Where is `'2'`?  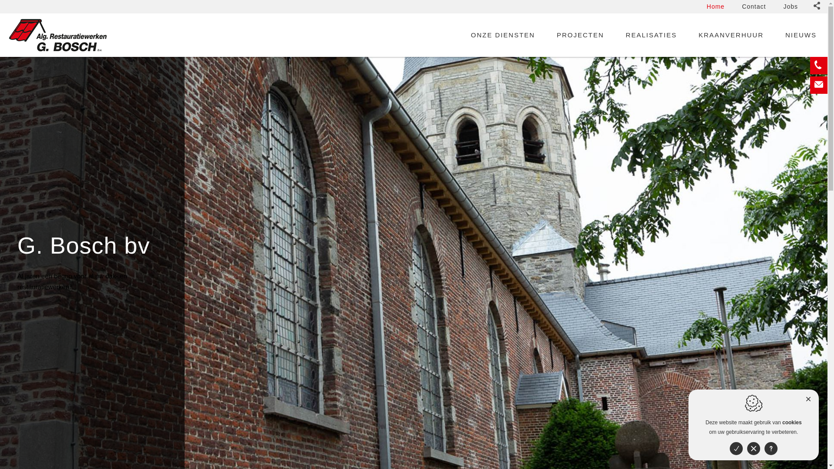 '2' is located at coordinates (815, 461).